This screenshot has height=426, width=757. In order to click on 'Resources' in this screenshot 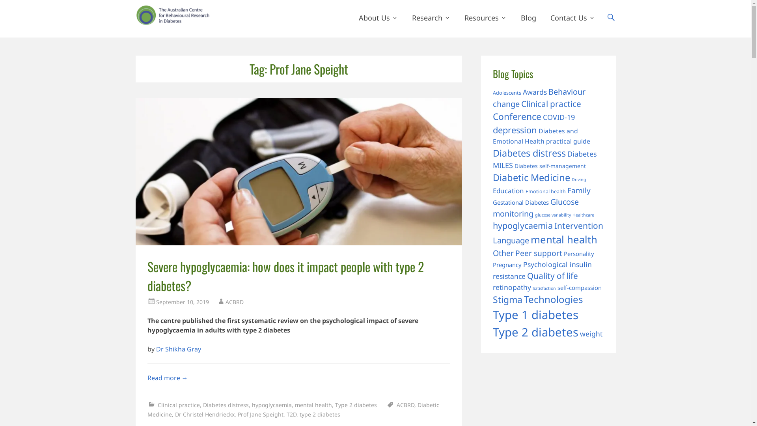, I will do `click(485, 18)`.